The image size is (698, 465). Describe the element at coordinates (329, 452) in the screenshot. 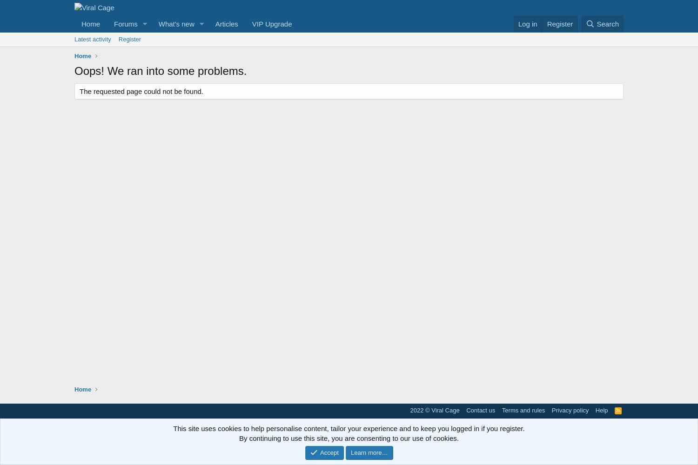

I see `'Accept'` at that location.